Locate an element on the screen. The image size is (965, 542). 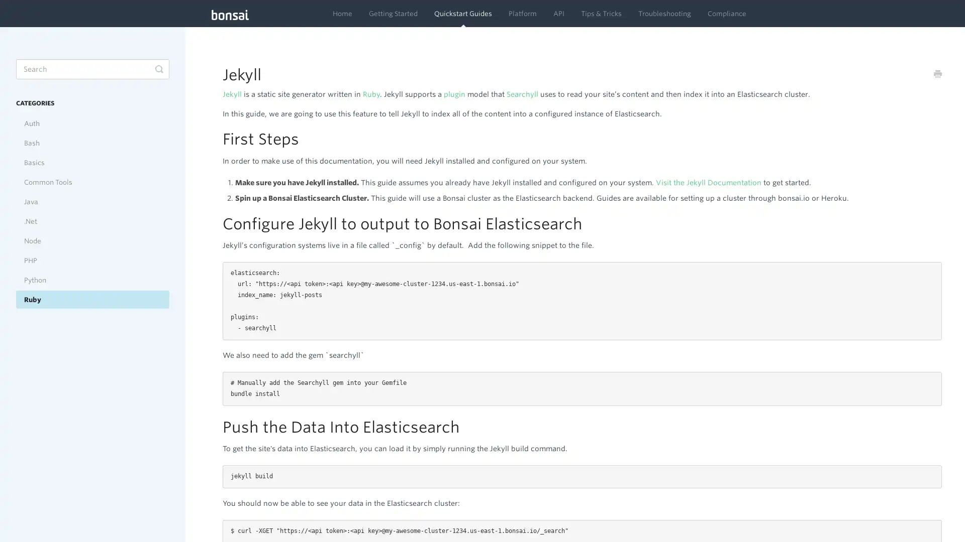
Toggle Search is located at coordinates (158, 69).